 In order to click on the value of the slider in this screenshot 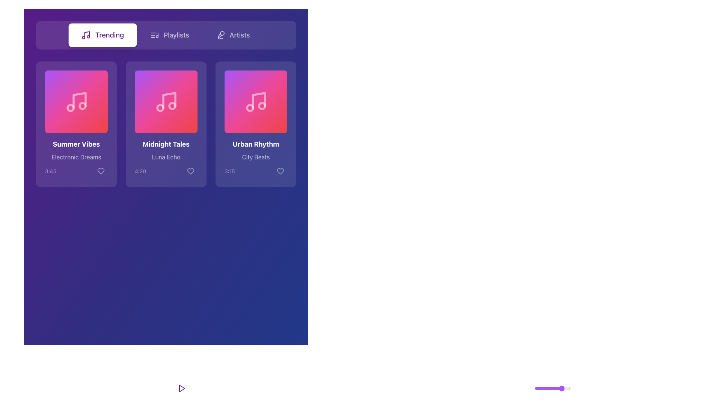, I will do `click(562, 388)`.